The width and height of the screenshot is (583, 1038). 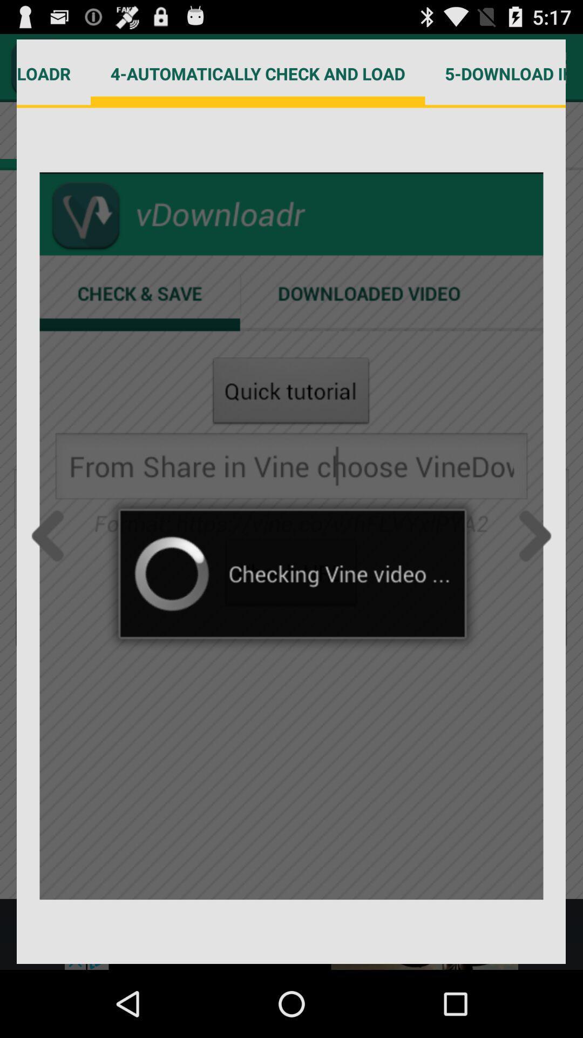 I want to click on 4 automatically check, so click(x=257, y=73).